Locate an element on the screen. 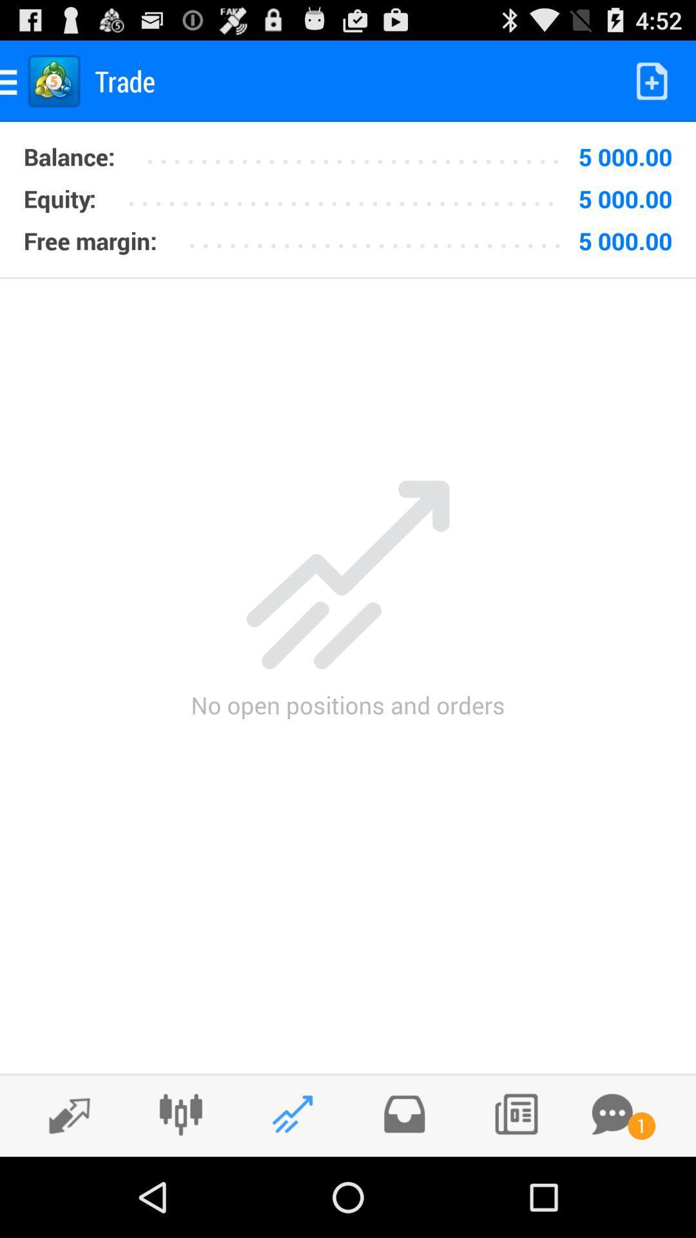 This screenshot has width=696, height=1238. put the plug in is located at coordinates (180, 1114).